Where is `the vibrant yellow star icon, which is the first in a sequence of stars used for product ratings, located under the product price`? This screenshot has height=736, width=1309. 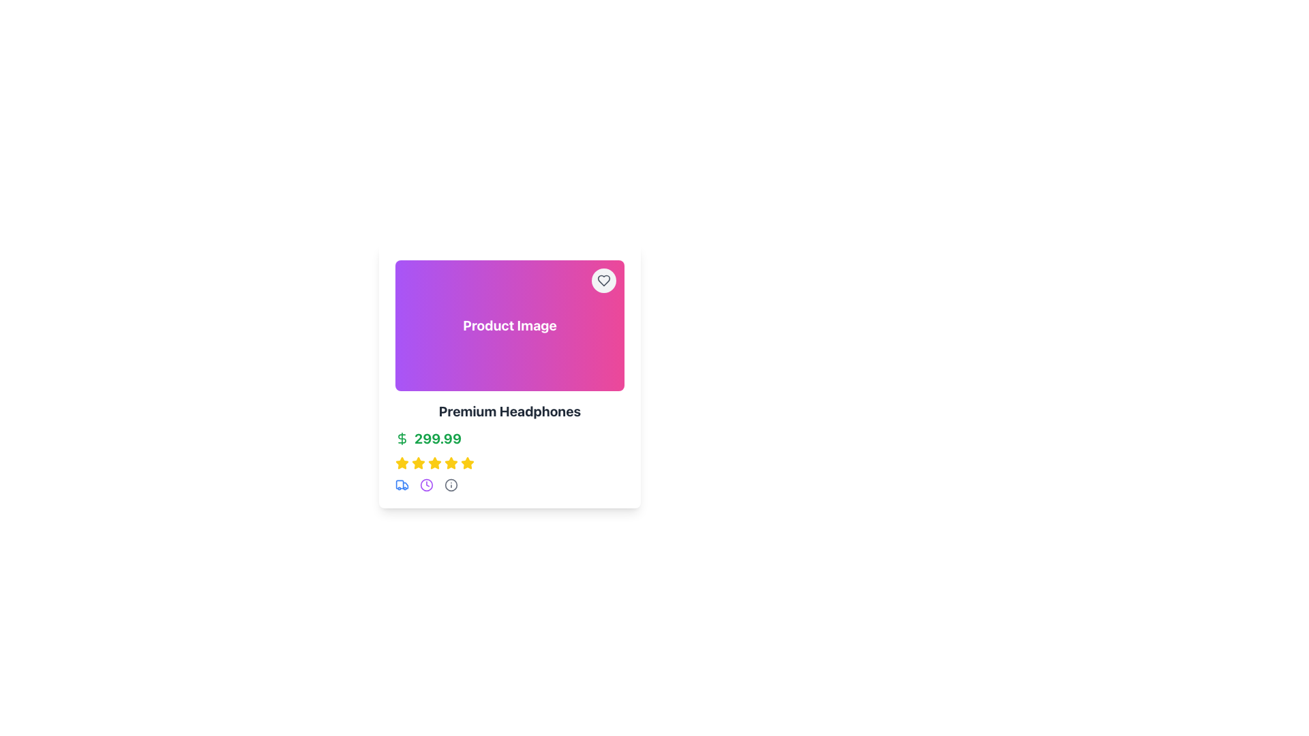 the vibrant yellow star icon, which is the first in a sequence of stars used for product ratings, located under the product price is located at coordinates (402, 462).